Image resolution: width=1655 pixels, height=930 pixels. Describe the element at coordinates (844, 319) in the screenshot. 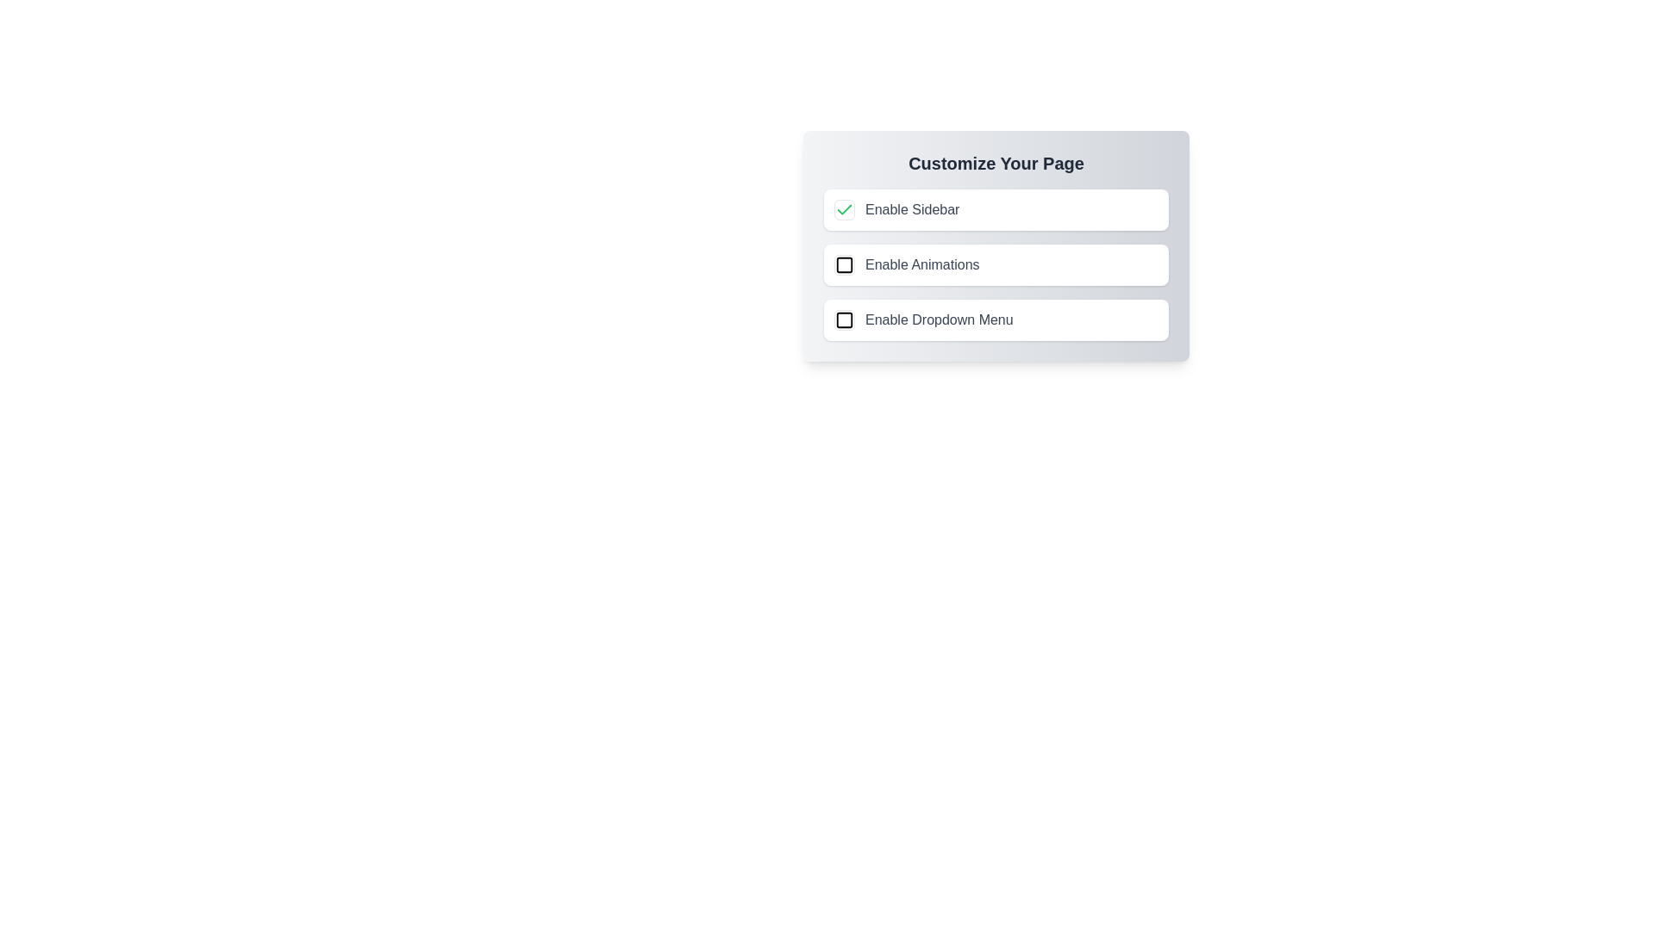

I see `the square-shaped checkbox labeled 'Enable Dropdown Menu'` at that location.